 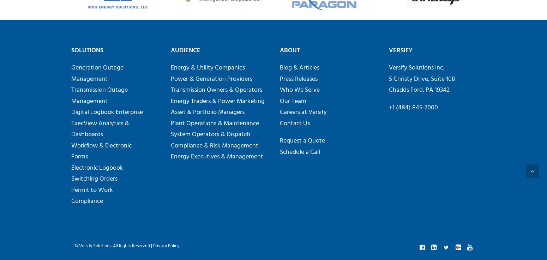 What do you see at coordinates (97, 73) in the screenshot?
I see `'Generation Outage Management'` at bounding box center [97, 73].